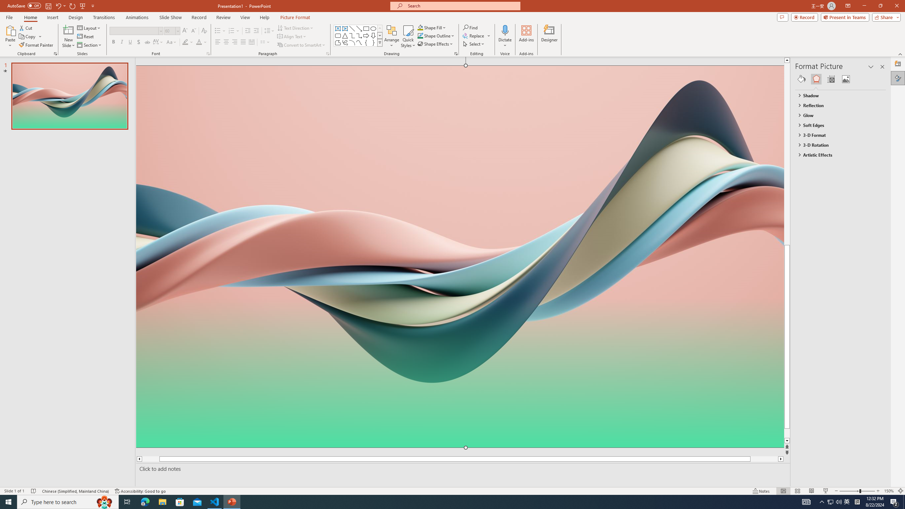  I want to click on 'Numbering', so click(234, 31).